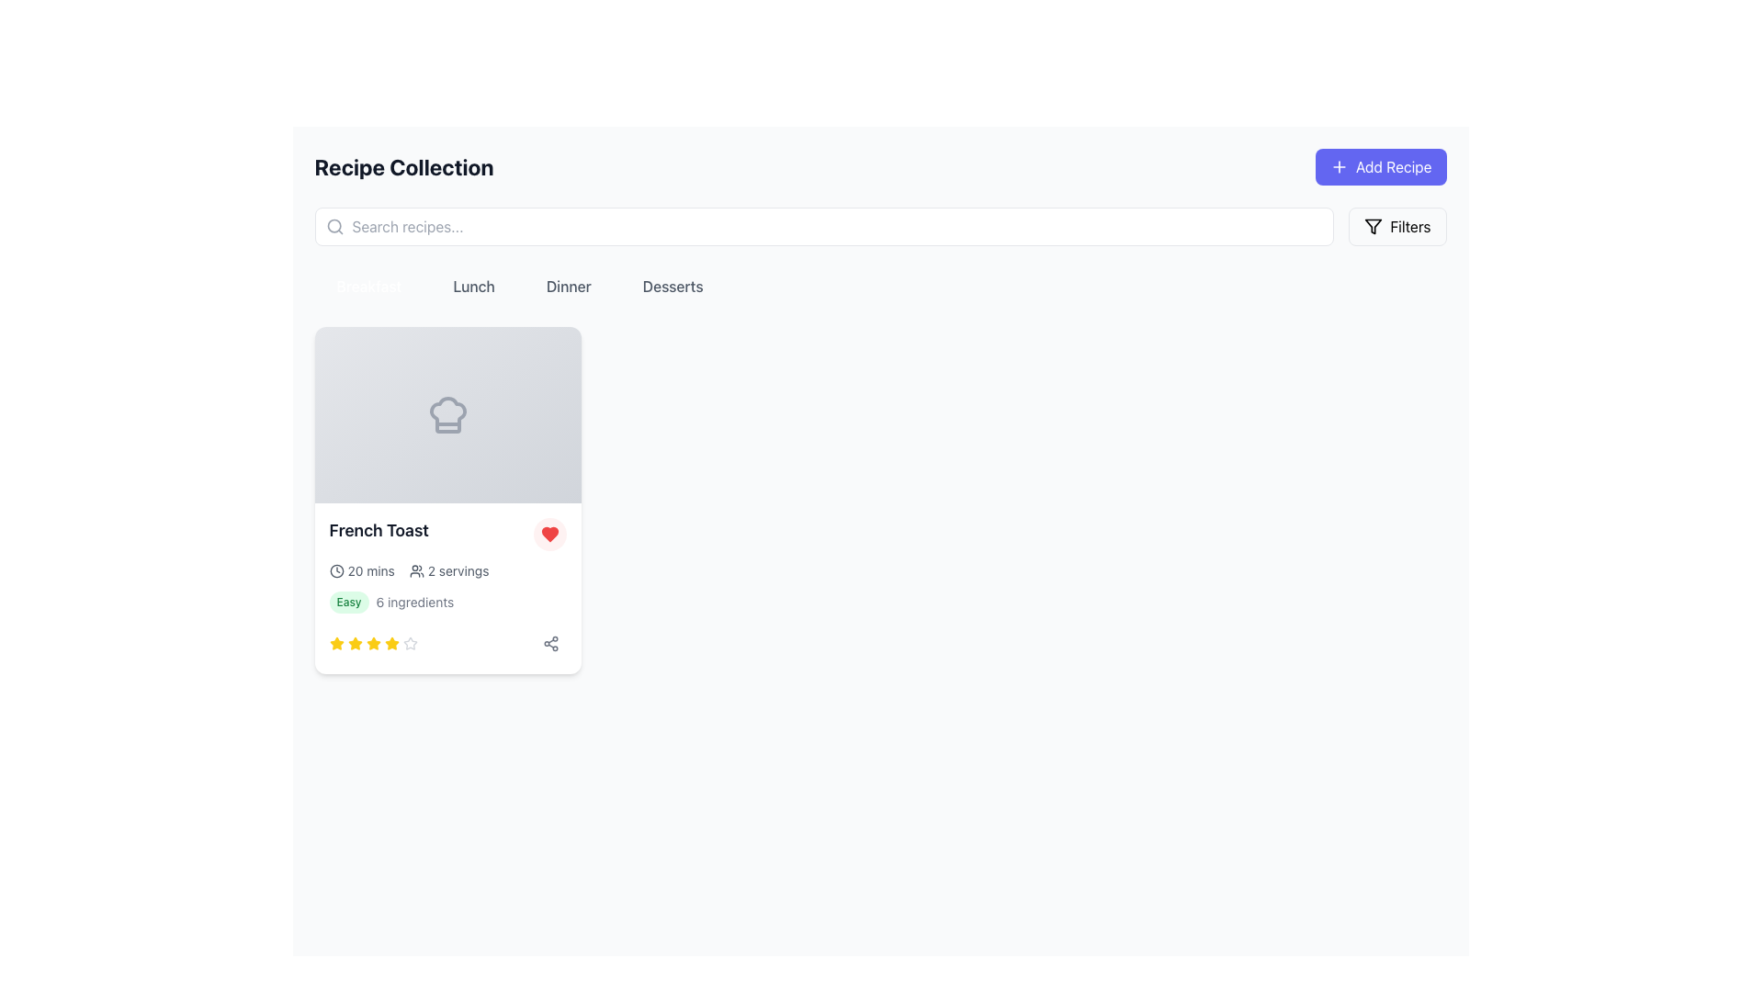  Describe the element at coordinates (390, 642) in the screenshot. I see `the fourth yellow star icon in the rating system under the 'French Toast' recipe card` at that location.